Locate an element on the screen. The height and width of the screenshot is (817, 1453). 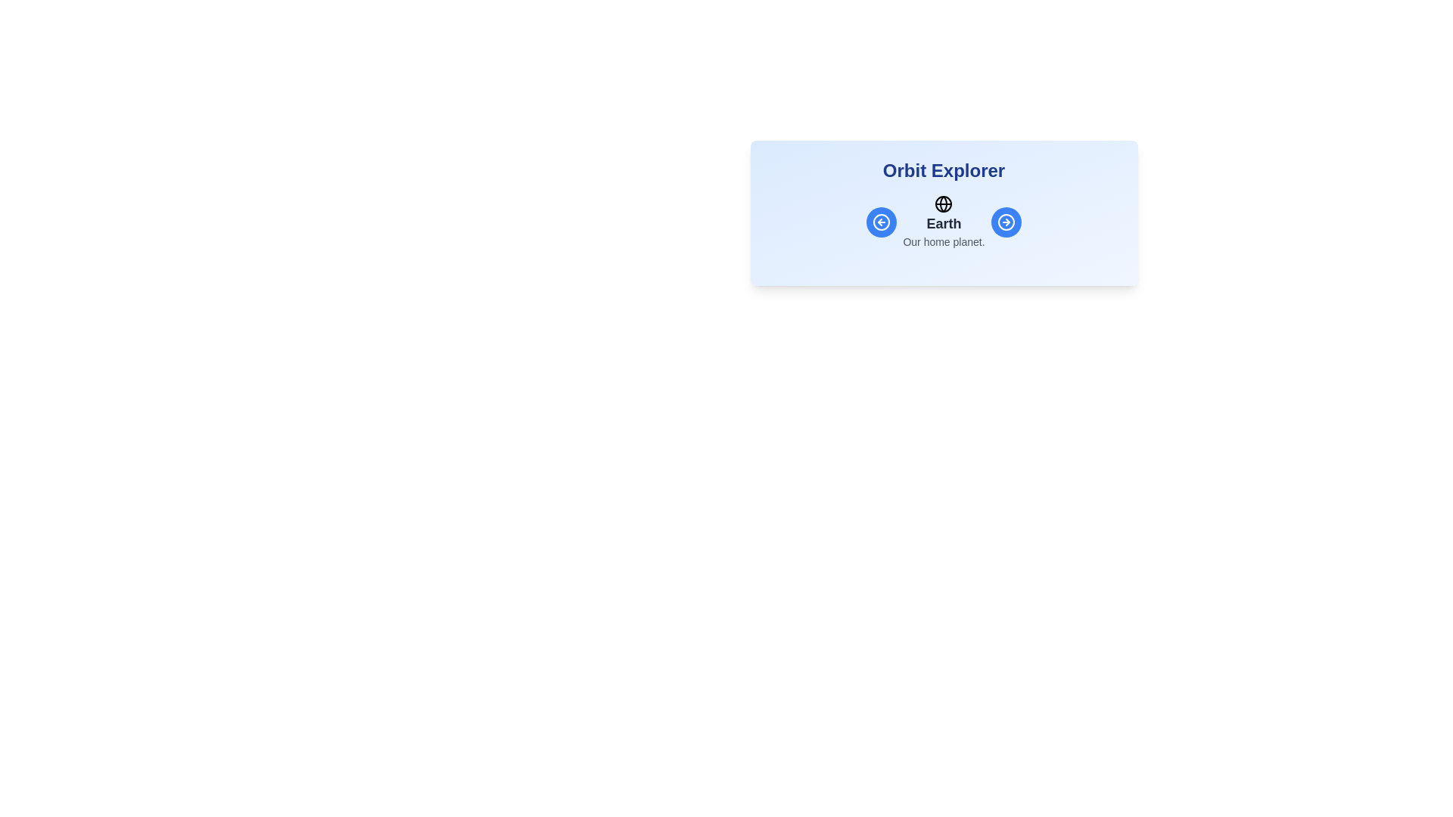
the Earth icon located above the text 'Earth' and 'Our home planet' is located at coordinates (943, 204).